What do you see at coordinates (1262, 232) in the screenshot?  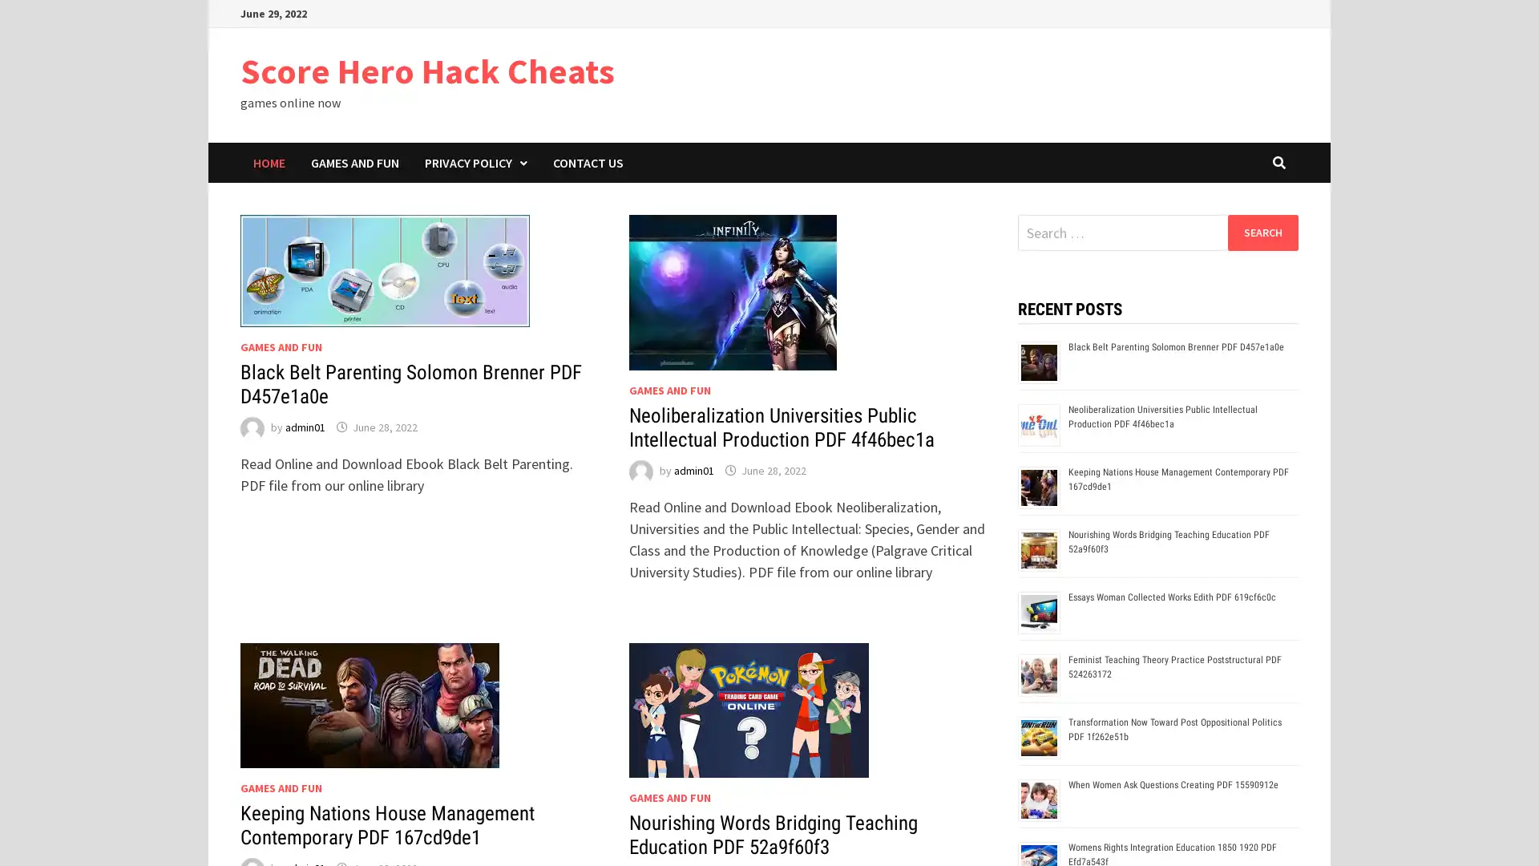 I see `Search` at bounding box center [1262, 232].